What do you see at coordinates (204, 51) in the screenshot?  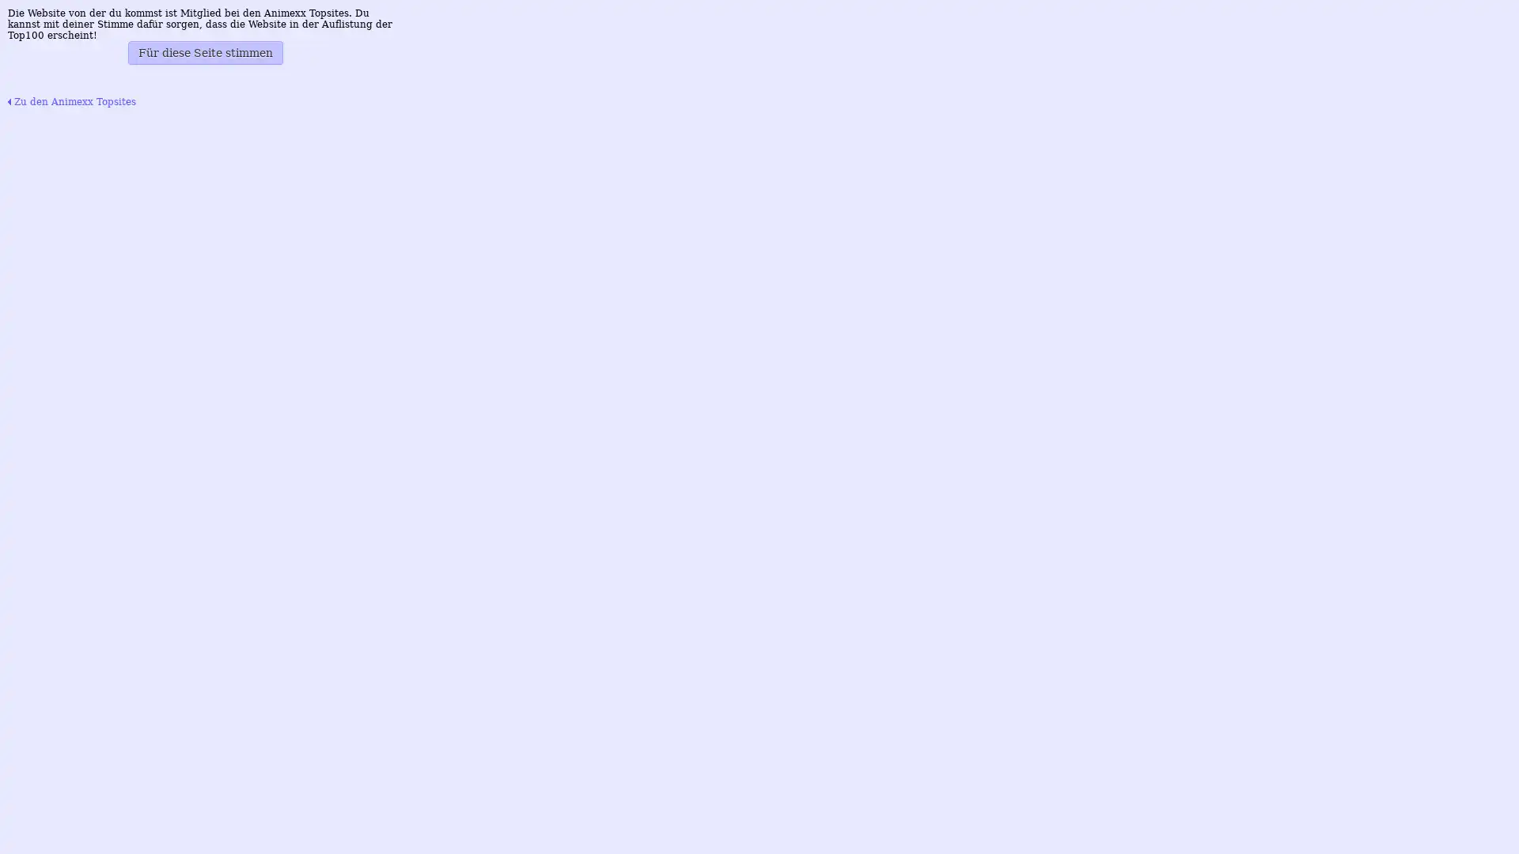 I see `Fur diese Seite stimmen` at bounding box center [204, 51].